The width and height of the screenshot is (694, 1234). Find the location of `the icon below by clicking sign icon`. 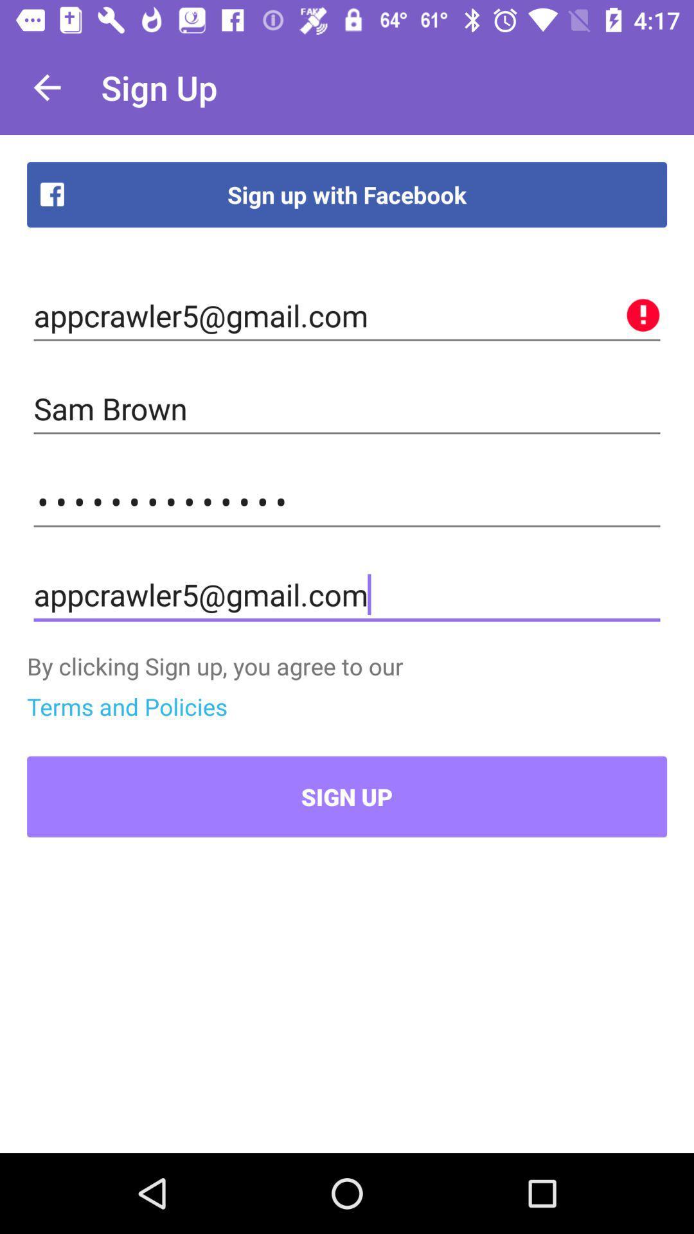

the icon below by clicking sign icon is located at coordinates (127, 706).